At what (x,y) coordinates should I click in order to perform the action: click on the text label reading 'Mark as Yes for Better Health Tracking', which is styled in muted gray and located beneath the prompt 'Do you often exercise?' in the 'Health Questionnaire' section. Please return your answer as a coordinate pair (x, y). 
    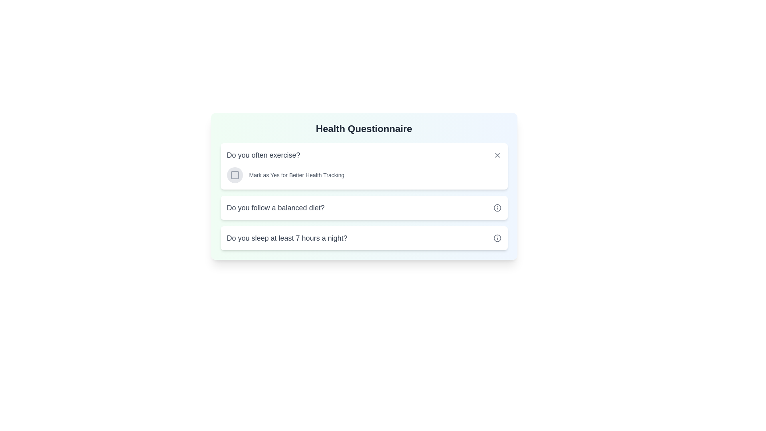
    Looking at the image, I should click on (296, 175).